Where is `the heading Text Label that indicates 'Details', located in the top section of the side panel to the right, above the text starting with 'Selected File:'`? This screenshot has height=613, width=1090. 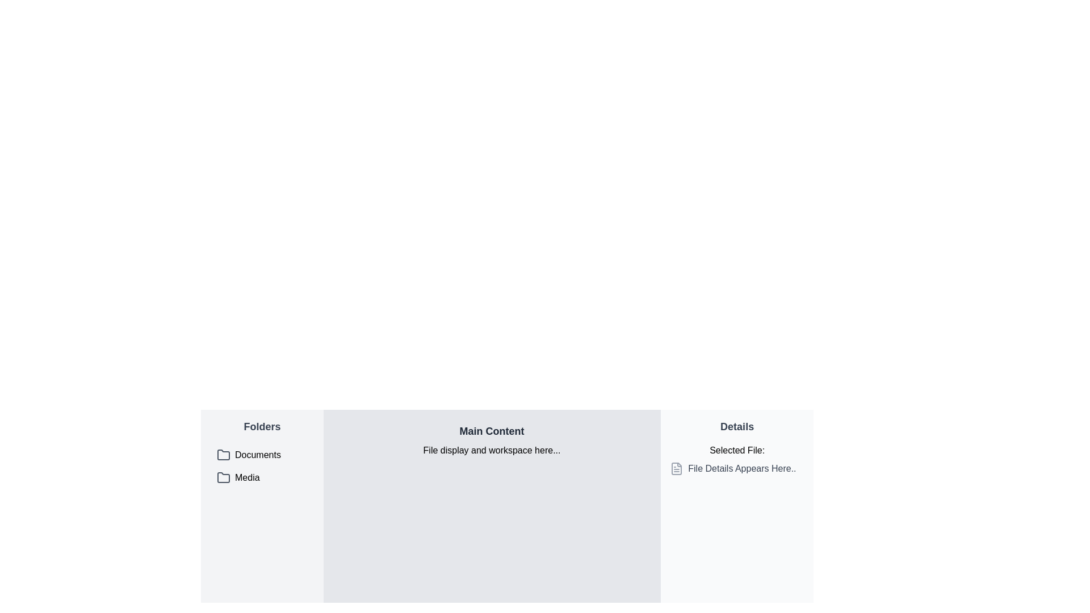
the heading Text Label that indicates 'Details', located in the top section of the side panel to the right, above the text starting with 'Selected File:' is located at coordinates (737, 427).